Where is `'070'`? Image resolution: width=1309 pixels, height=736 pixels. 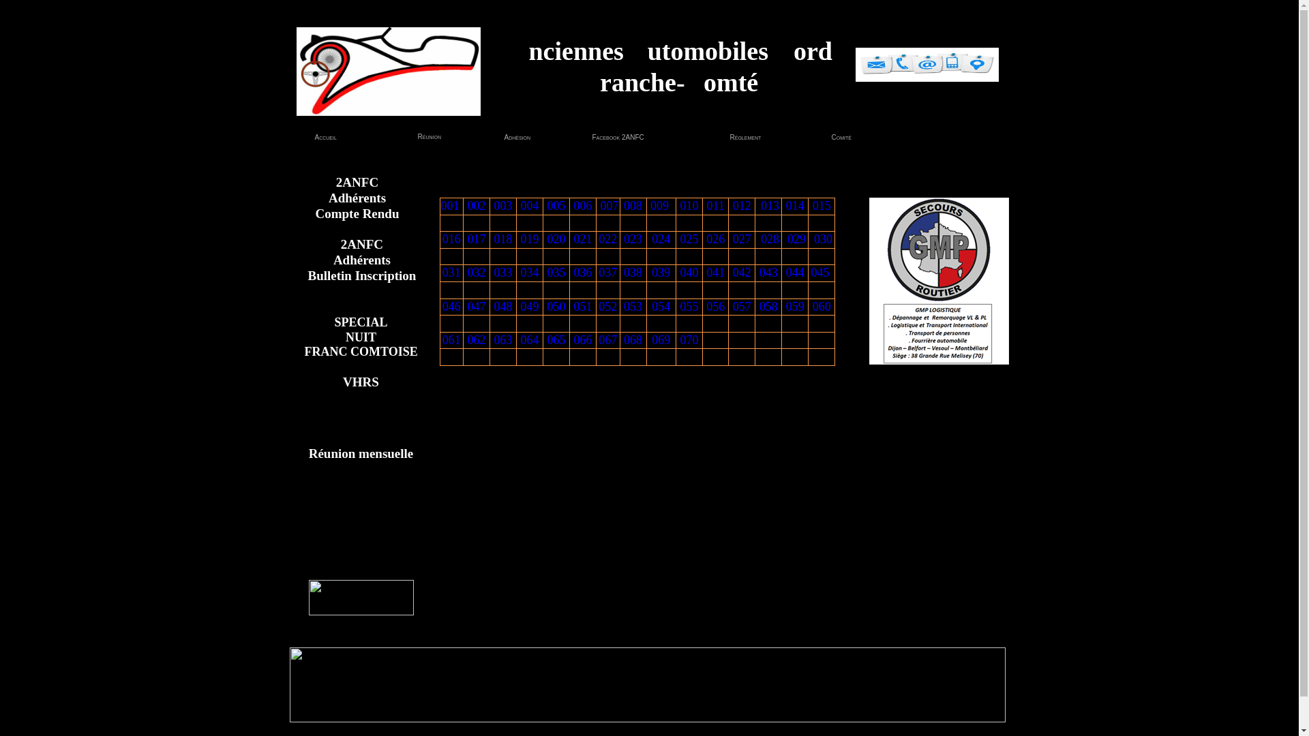
'070' is located at coordinates (689, 339).